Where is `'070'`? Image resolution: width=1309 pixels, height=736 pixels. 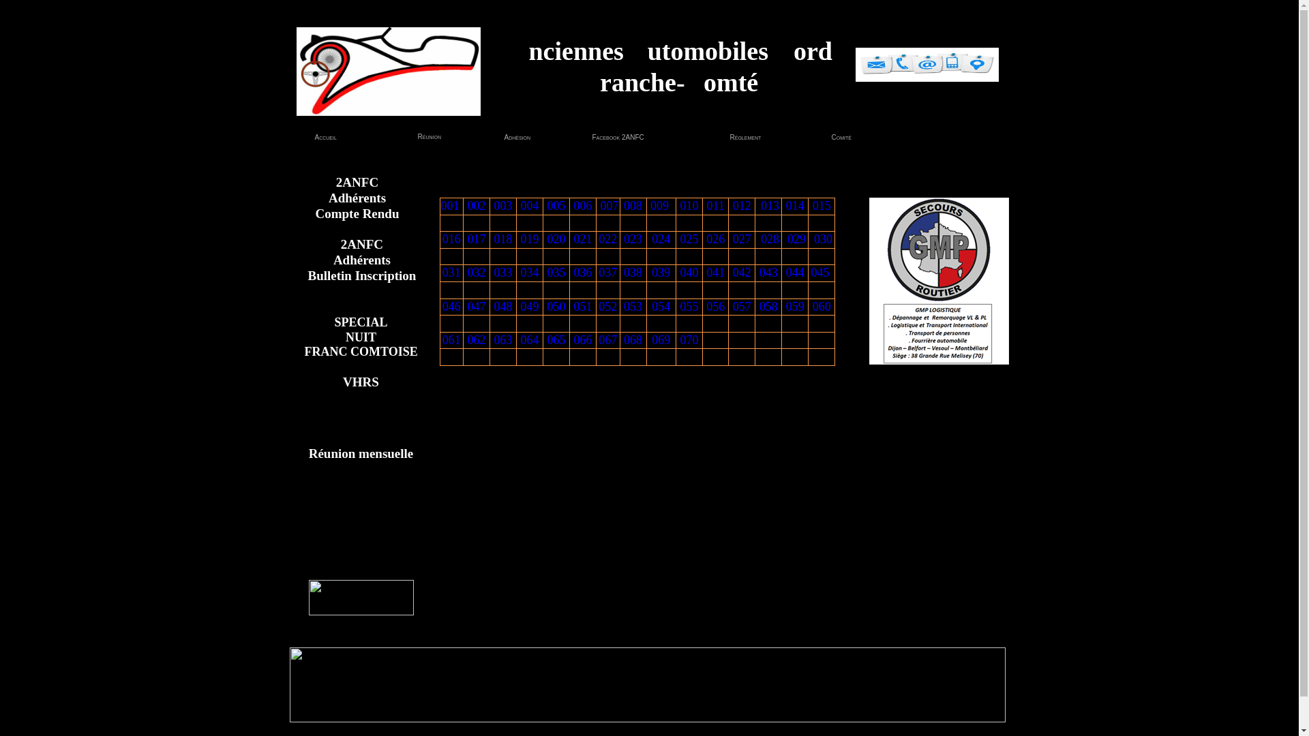
'070' is located at coordinates (689, 339).